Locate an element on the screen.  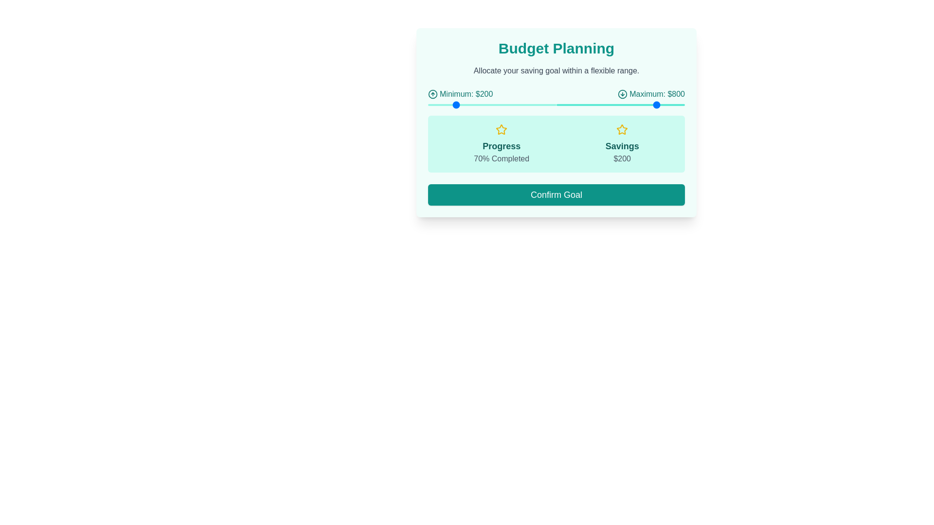
monetary value displayed in the Text label located in the 'Savings' sub-section at the bottom-right of the card, adjacent to the 'Savings' title is located at coordinates (622, 158).